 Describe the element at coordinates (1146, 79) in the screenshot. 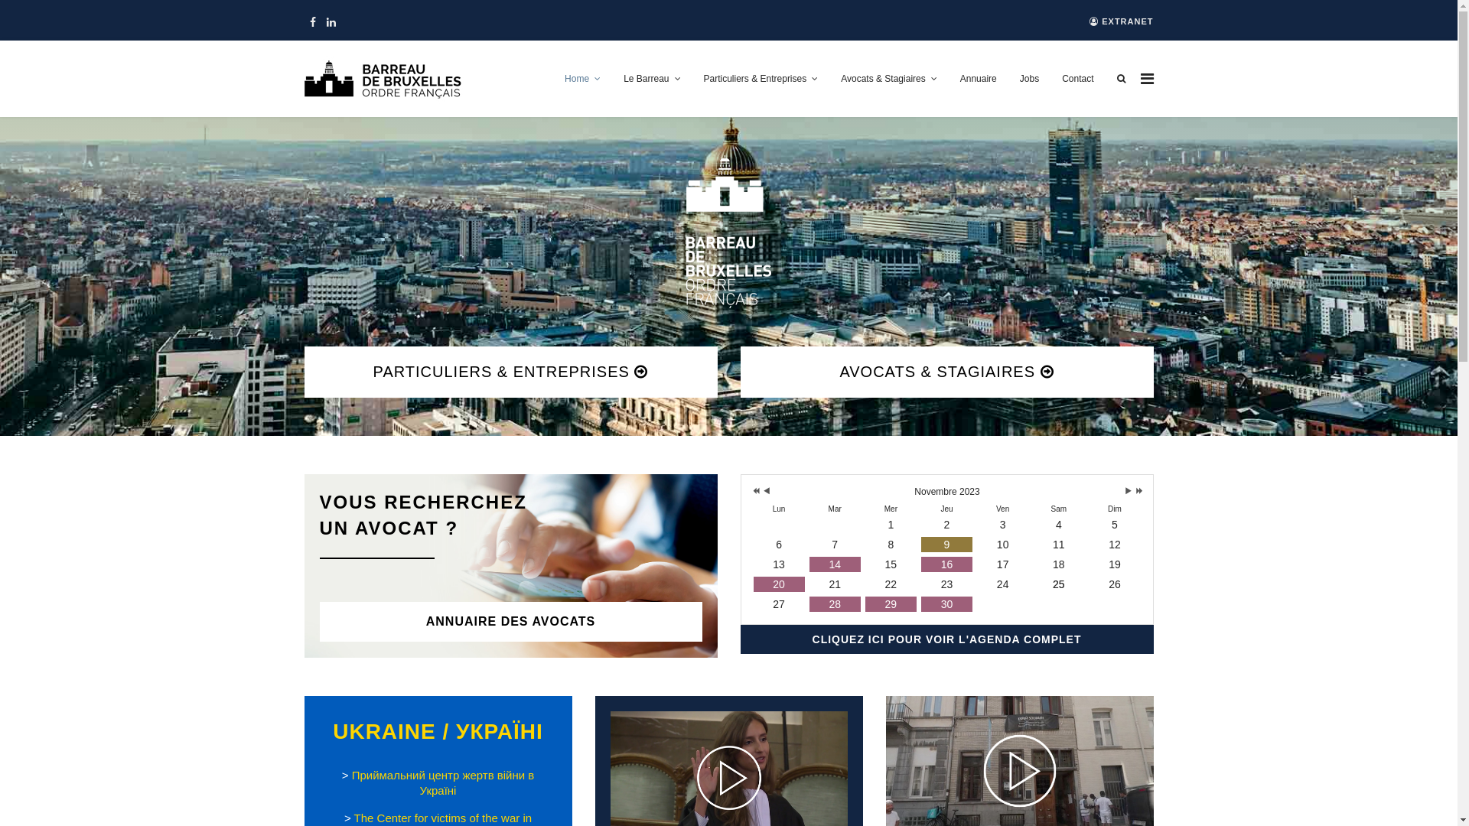

I see `'Navigation'` at that location.